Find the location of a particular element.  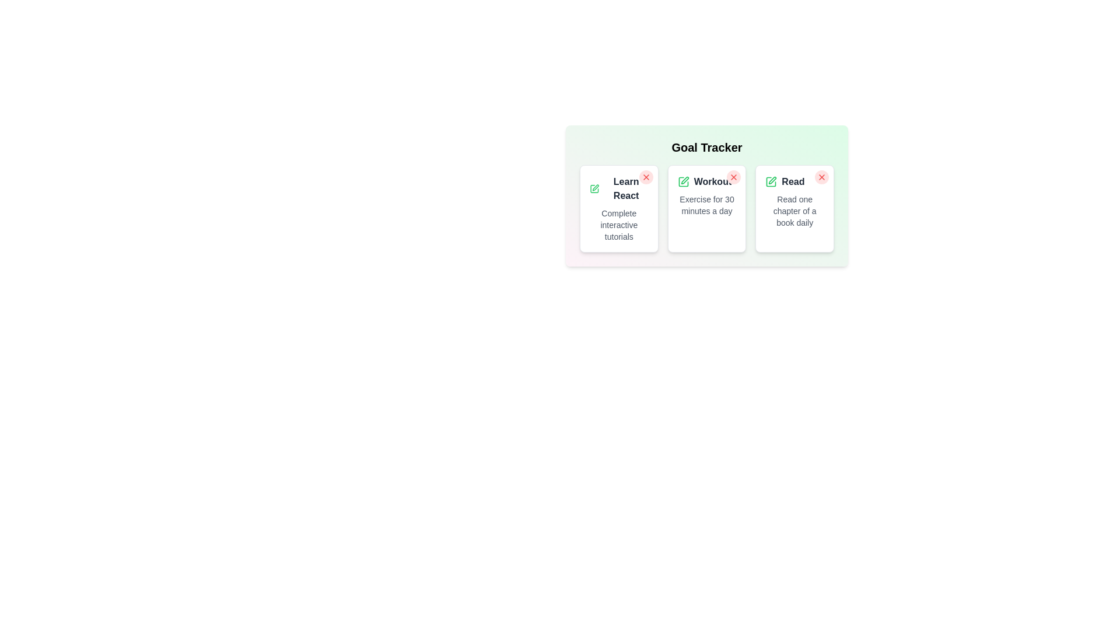

the goal card titled 'Read' to view its details is located at coordinates (794, 208).